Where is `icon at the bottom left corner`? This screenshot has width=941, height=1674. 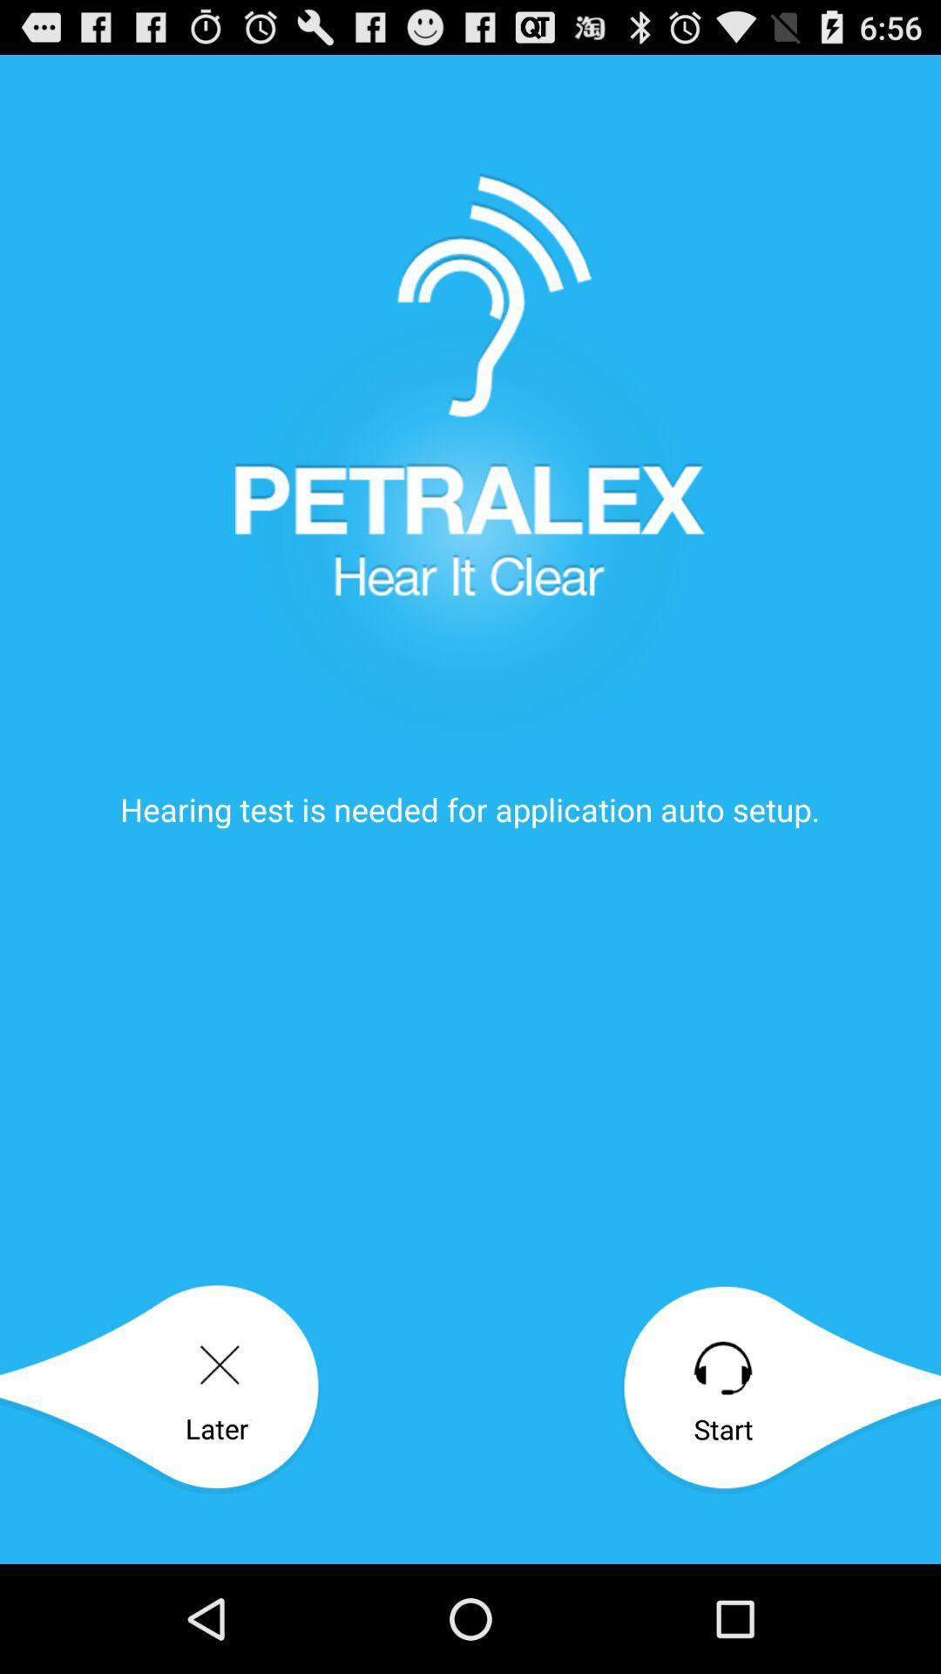 icon at the bottom left corner is located at coordinates (159, 1388).